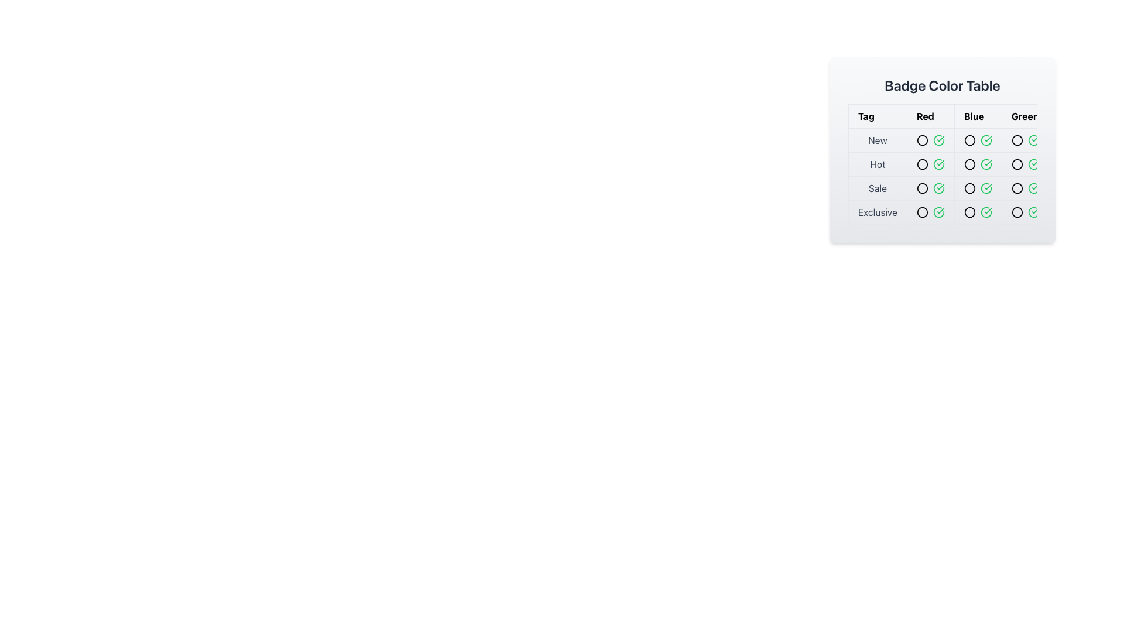 Image resolution: width=1124 pixels, height=632 pixels. What do you see at coordinates (978, 116) in the screenshot?
I see `the Table Header Cell displaying the text 'Blue' which is bold and centrally positioned within a white rectangular background, located in the header row of the Badge Color Table` at bounding box center [978, 116].